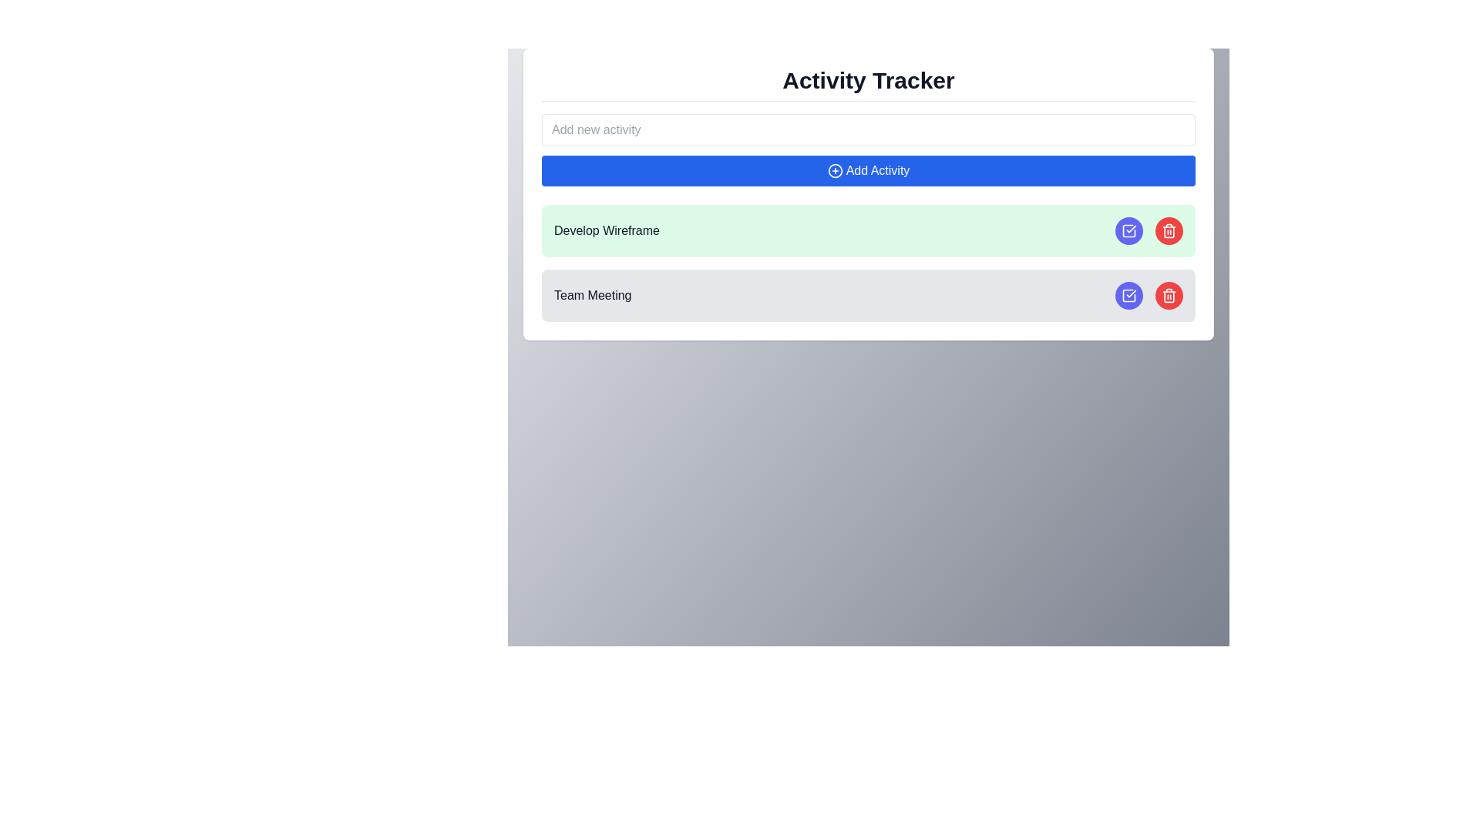 The width and height of the screenshot is (1480, 832). Describe the element at coordinates (1128, 231) in the screenshot. I see `the icon inside the circular button associated with the 'Team Meeting' entry` at that location.